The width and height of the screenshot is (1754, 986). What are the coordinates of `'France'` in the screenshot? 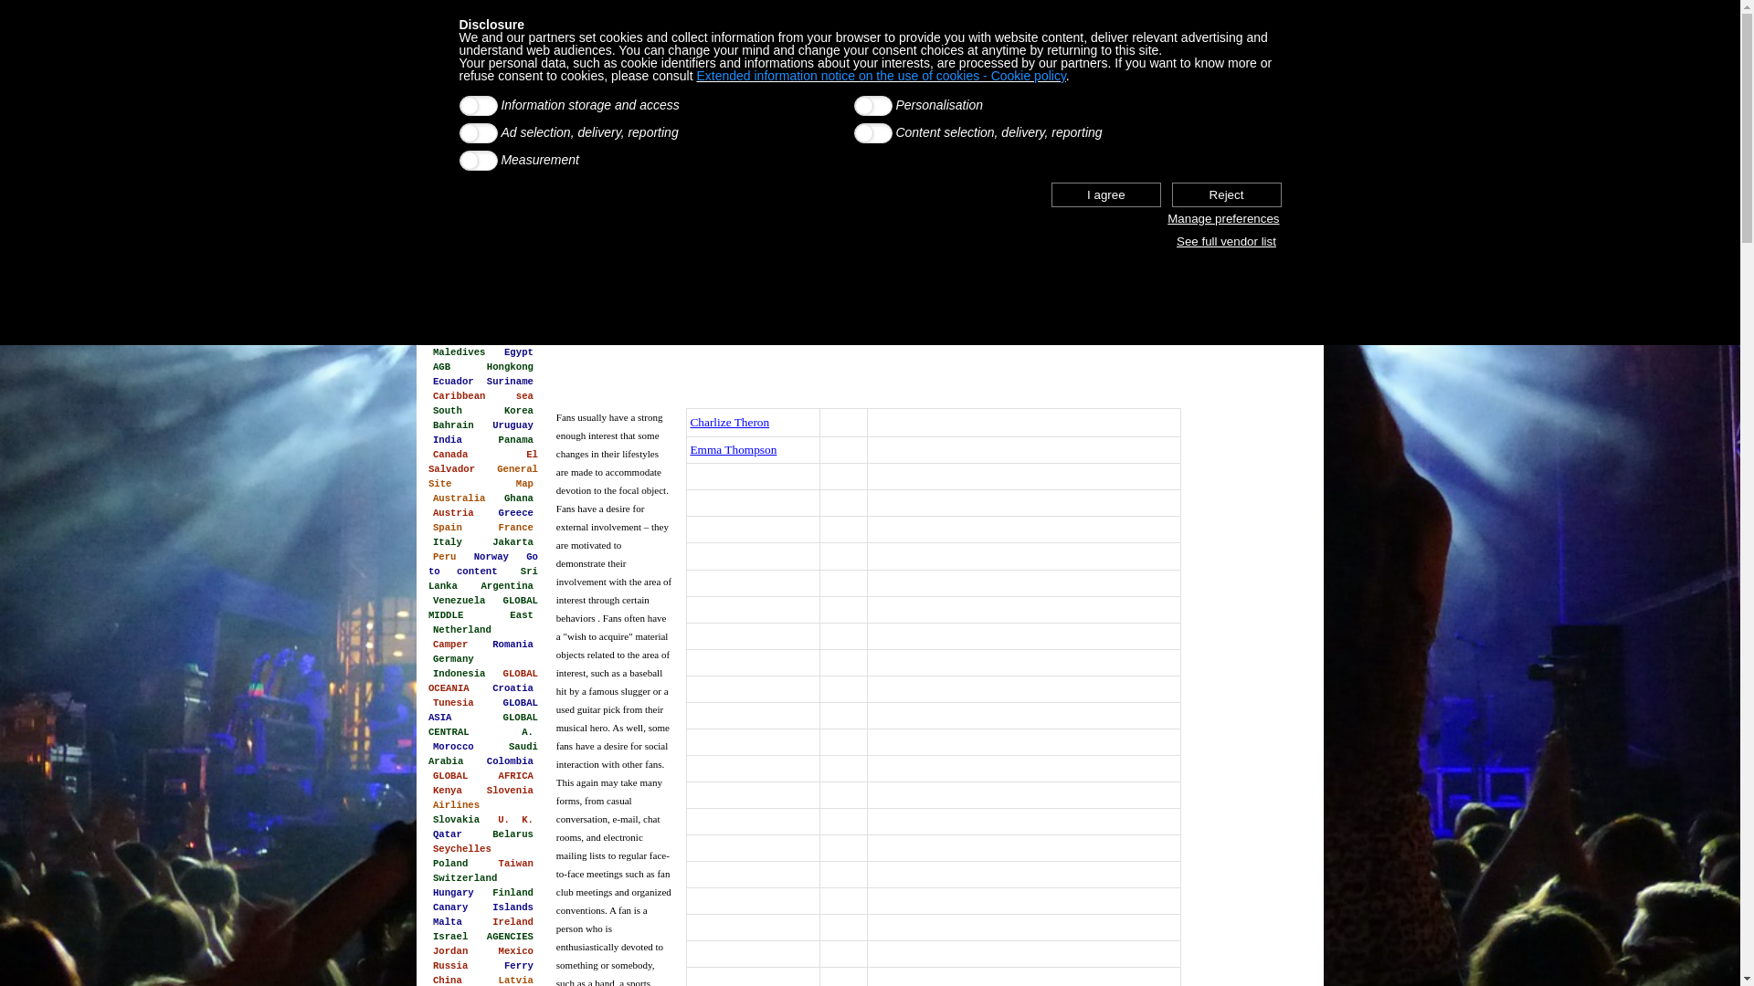 It's located at (495, 528).